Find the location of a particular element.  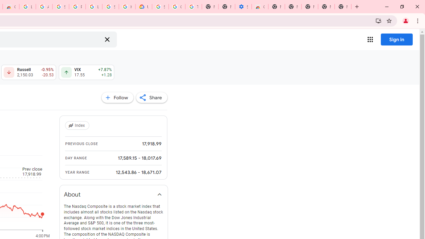

'Chrome Web Store - Accessibility extensions' is located at coordinates (259, 7).